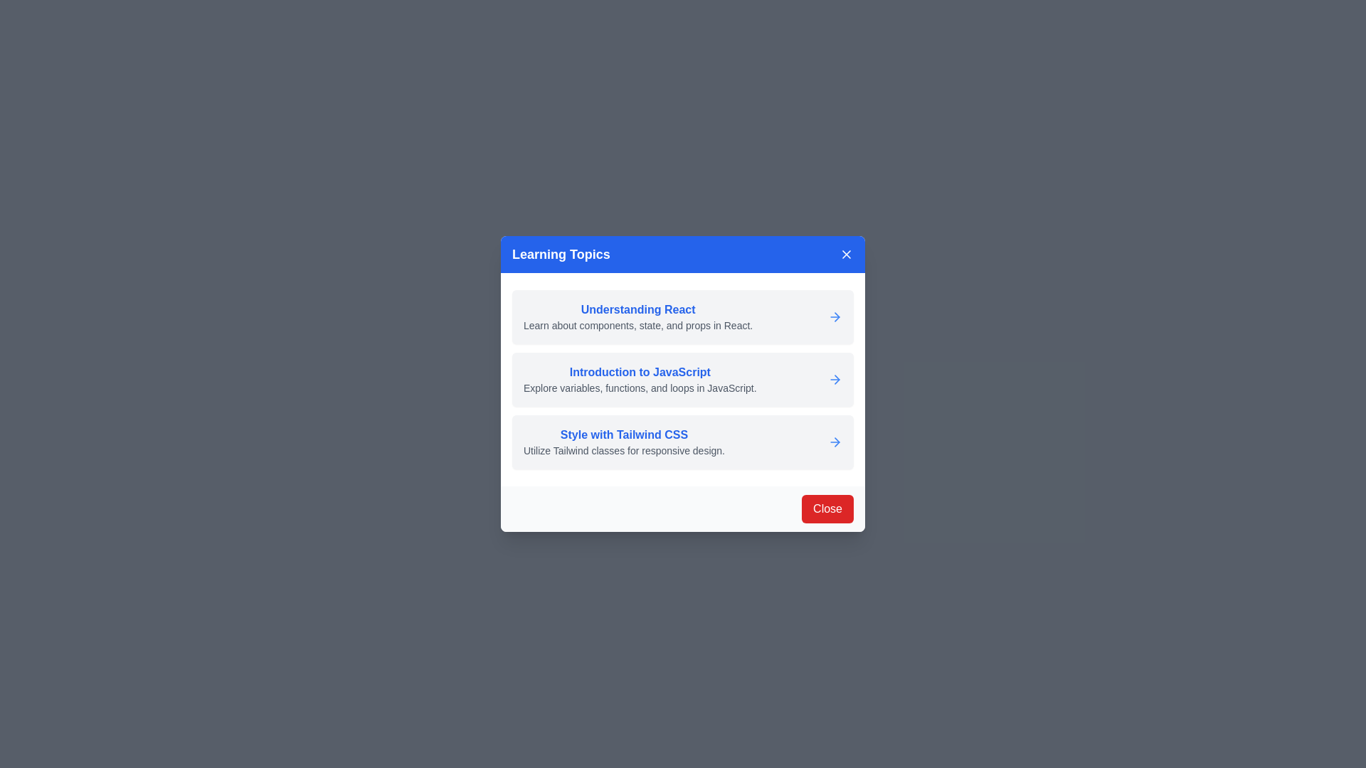 The height and width of the screenshot is (768, 1366). I want to click on the rightmost arrow icon/button in the 'Introduction to JavaScript' section, so click(835, 378).